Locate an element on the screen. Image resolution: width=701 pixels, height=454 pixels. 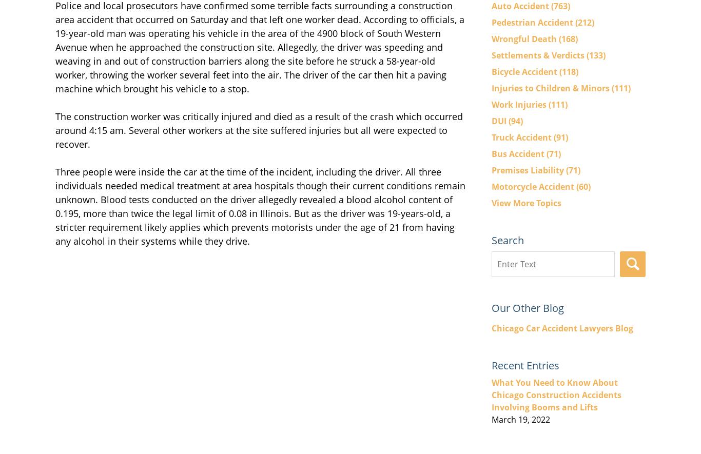
'Auto Accident' is located at coordinates (521, 5).